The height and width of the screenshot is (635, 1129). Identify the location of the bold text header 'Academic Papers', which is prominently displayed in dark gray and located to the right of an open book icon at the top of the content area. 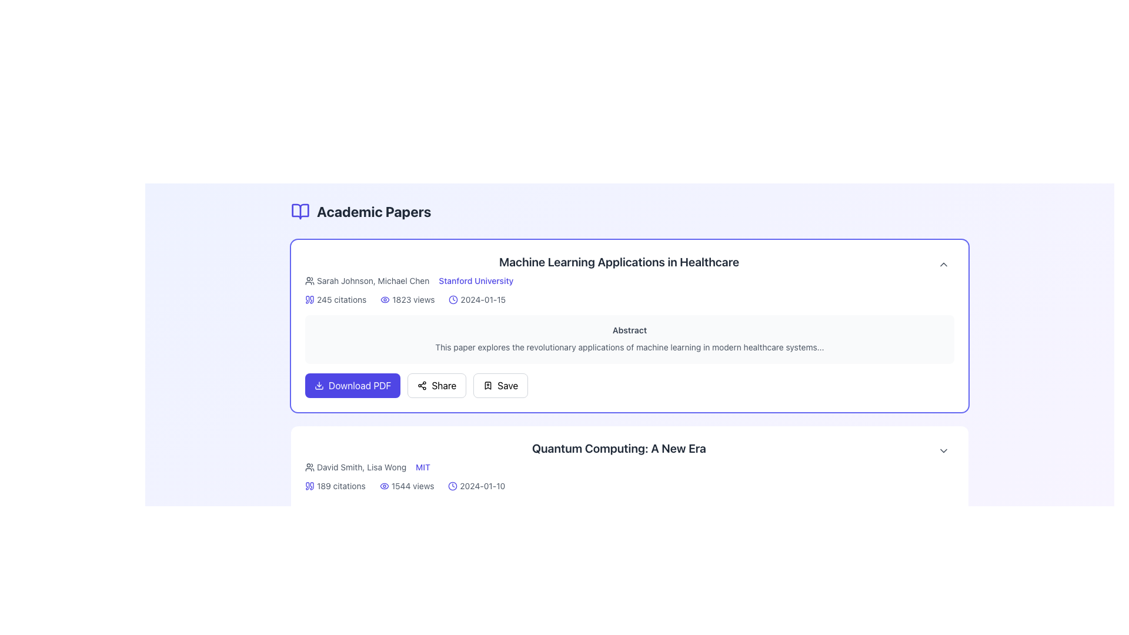
(373, 210).